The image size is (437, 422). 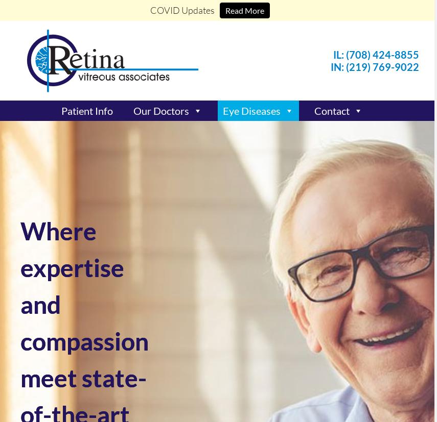 What do you see at coordinates (251, 111) in the screenshot?
I see `'Eye Diseases'` at bounding box center [251, 111].